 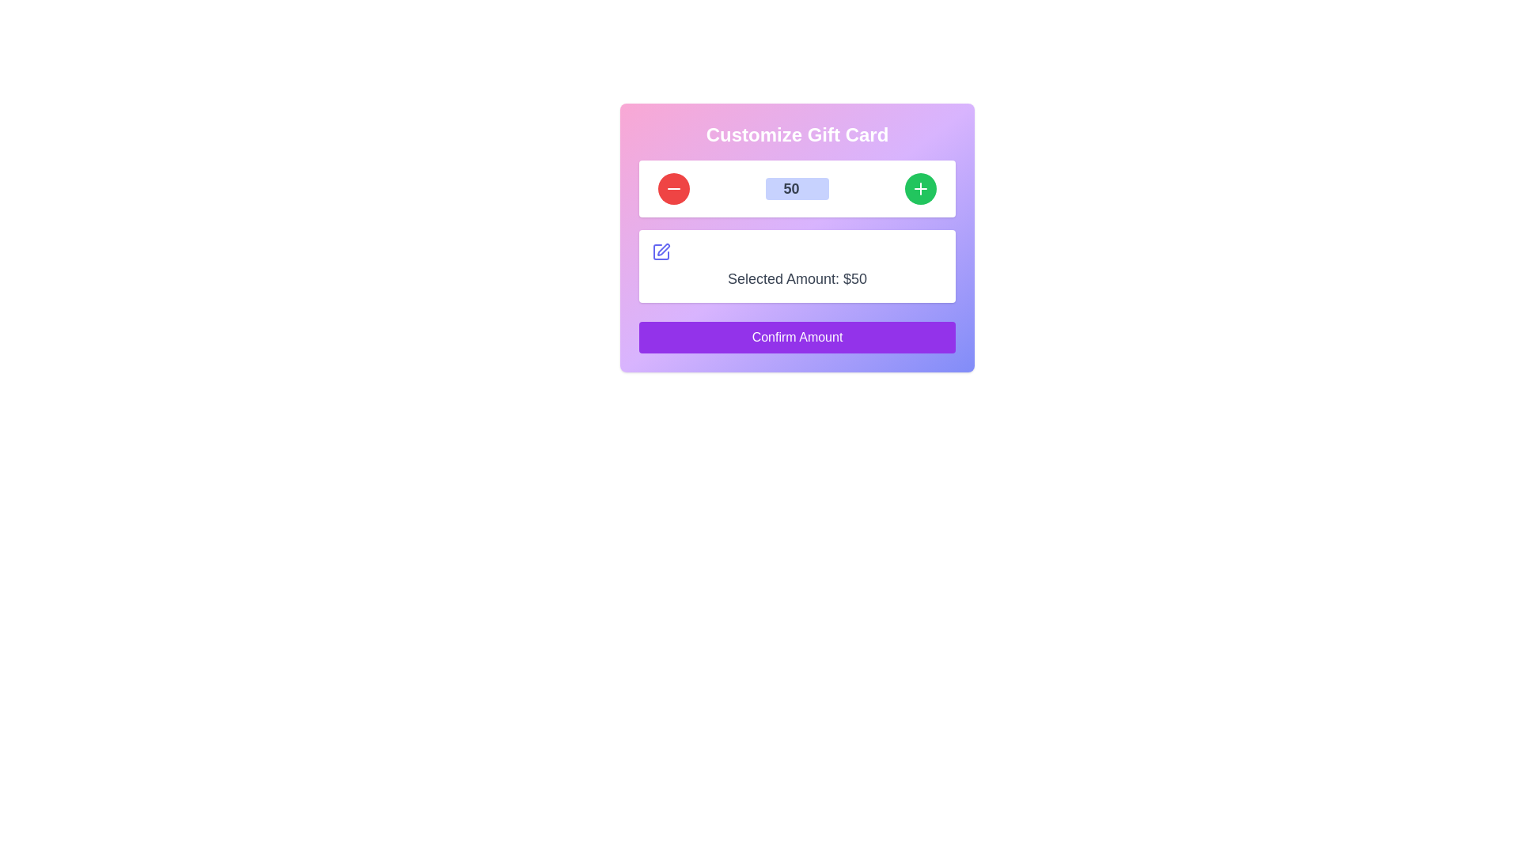 What do you see at coordinates (797, 278) in the screenshot?
I see `the Text label displaying the currently selected monetary amount, located beneath the numeric input field and centered horizontally` at bounding box center [797, 278].